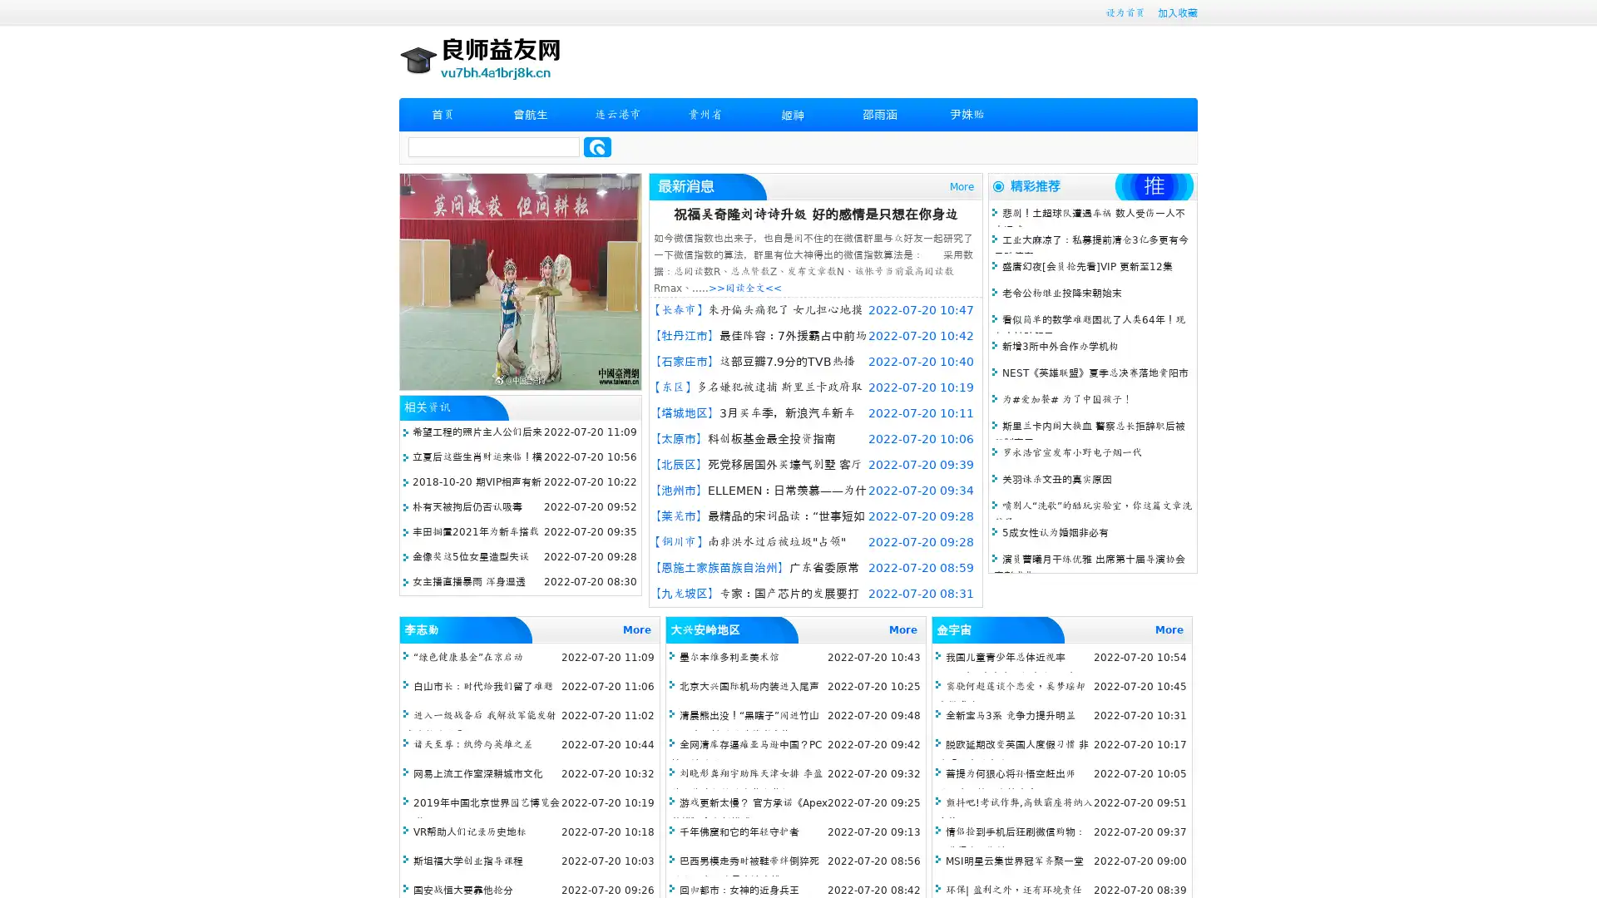  What do you see at coordinates (597, 146) in the screenshot?
I see `Search` at bounding box center [597, 146].